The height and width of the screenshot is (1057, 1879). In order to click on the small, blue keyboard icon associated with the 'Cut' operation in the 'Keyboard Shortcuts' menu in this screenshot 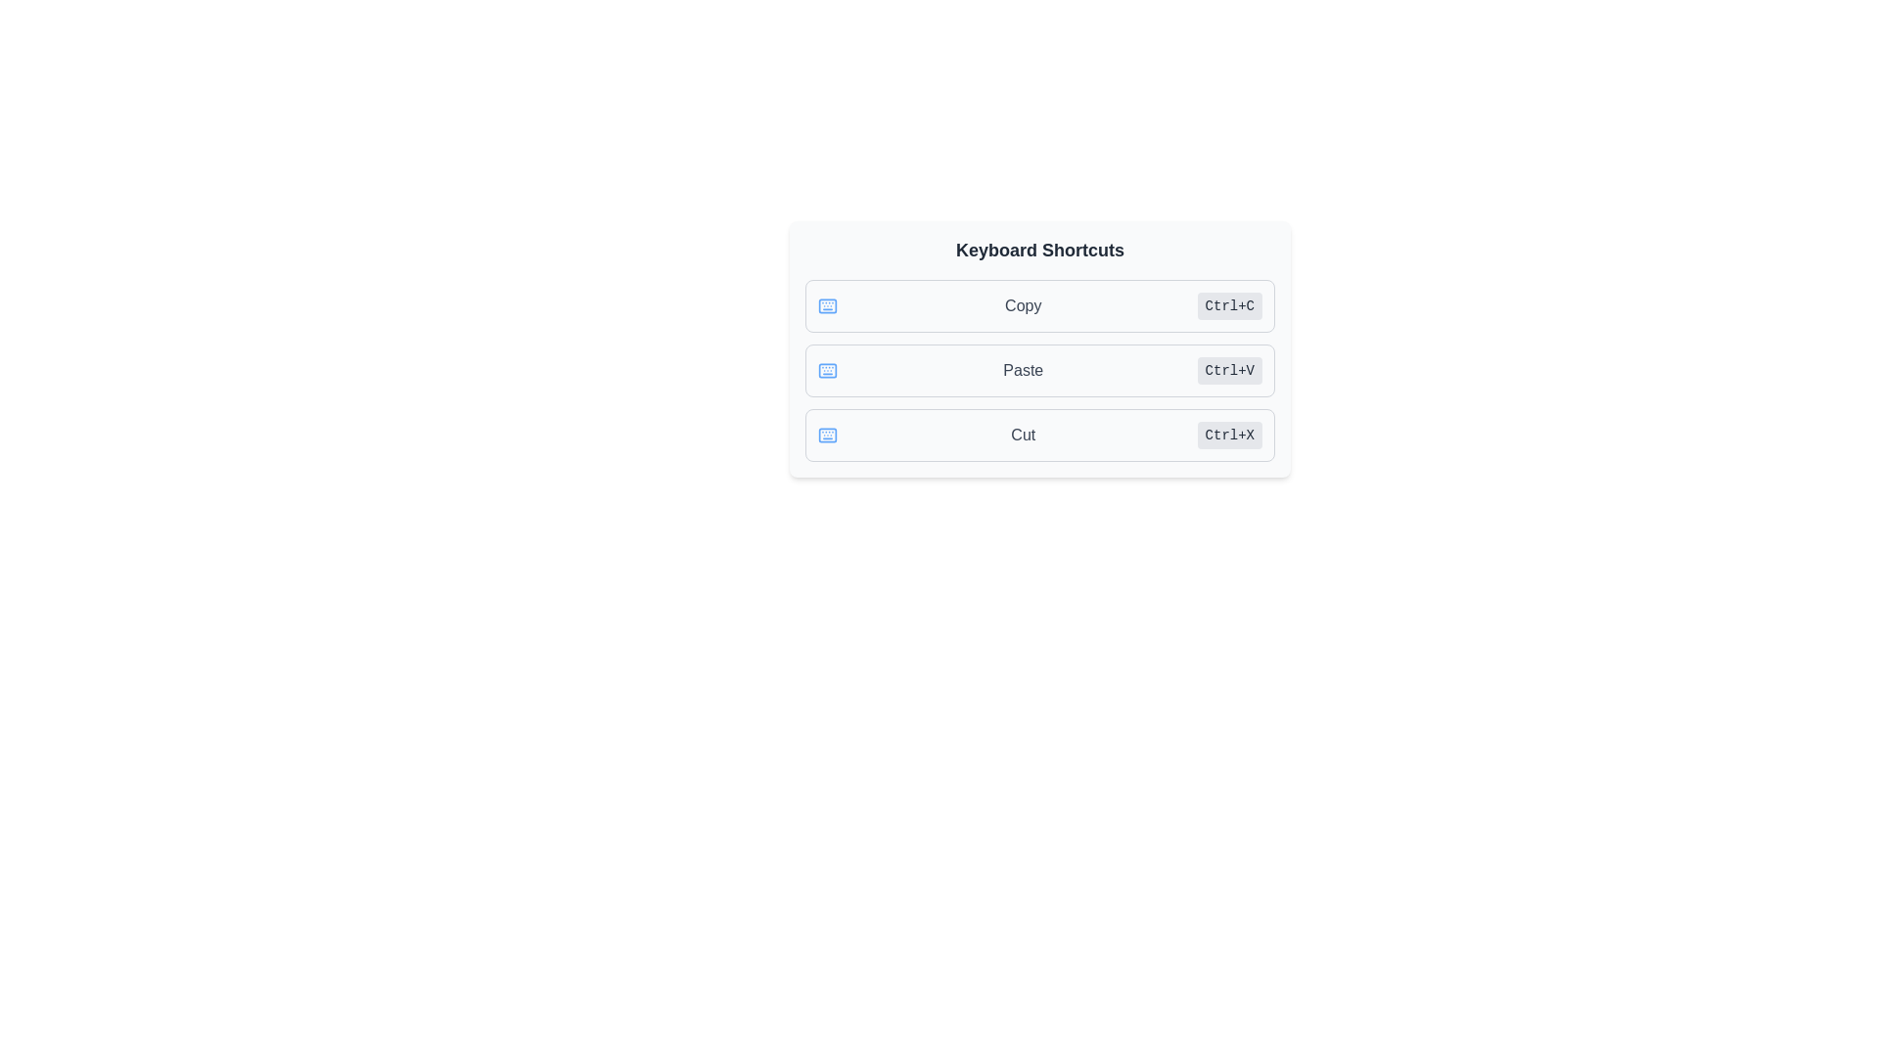, I will do `click(827, 434)`.